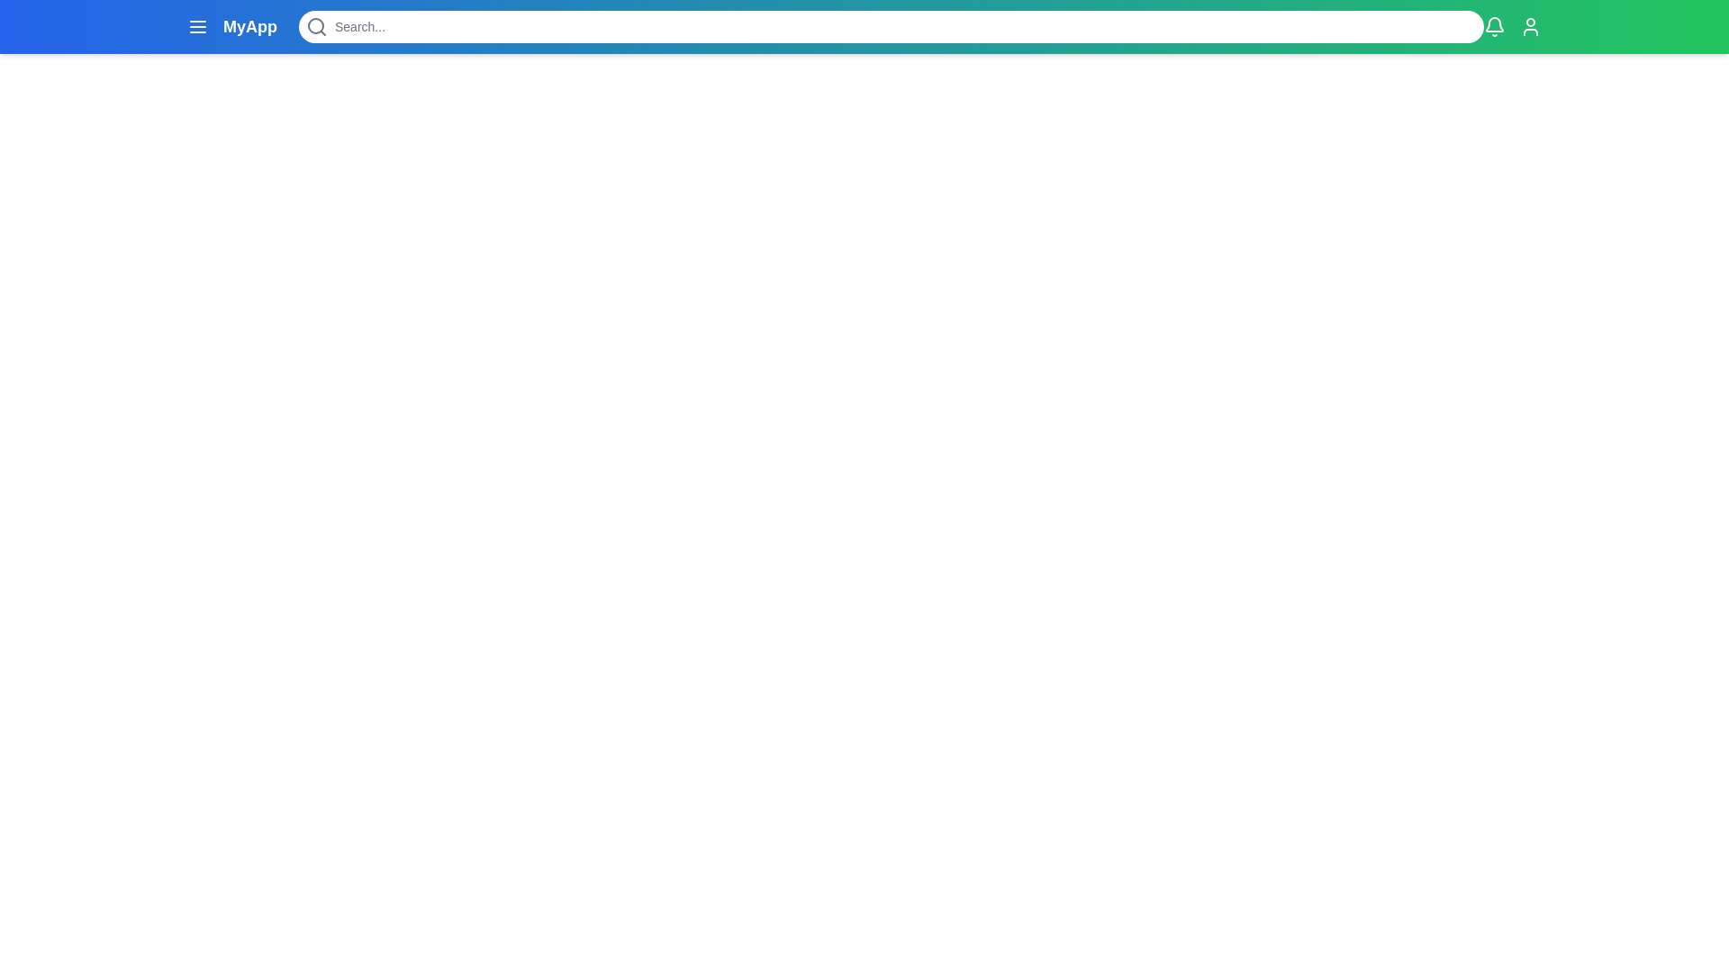  Describe the element at coordinates (1529, 27) in the screenshot. I see `the user icon located in the top-right corner of the application header, which is the second icon from the right` at that location.